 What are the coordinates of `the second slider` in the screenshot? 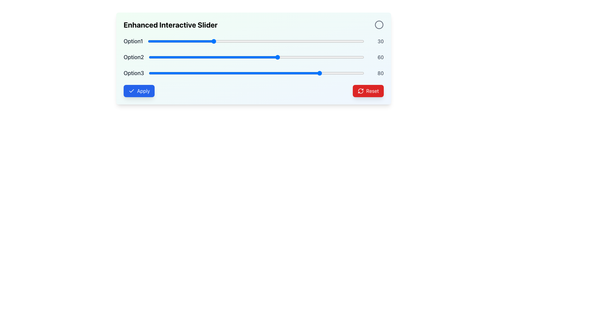 It's located at (253, 57).